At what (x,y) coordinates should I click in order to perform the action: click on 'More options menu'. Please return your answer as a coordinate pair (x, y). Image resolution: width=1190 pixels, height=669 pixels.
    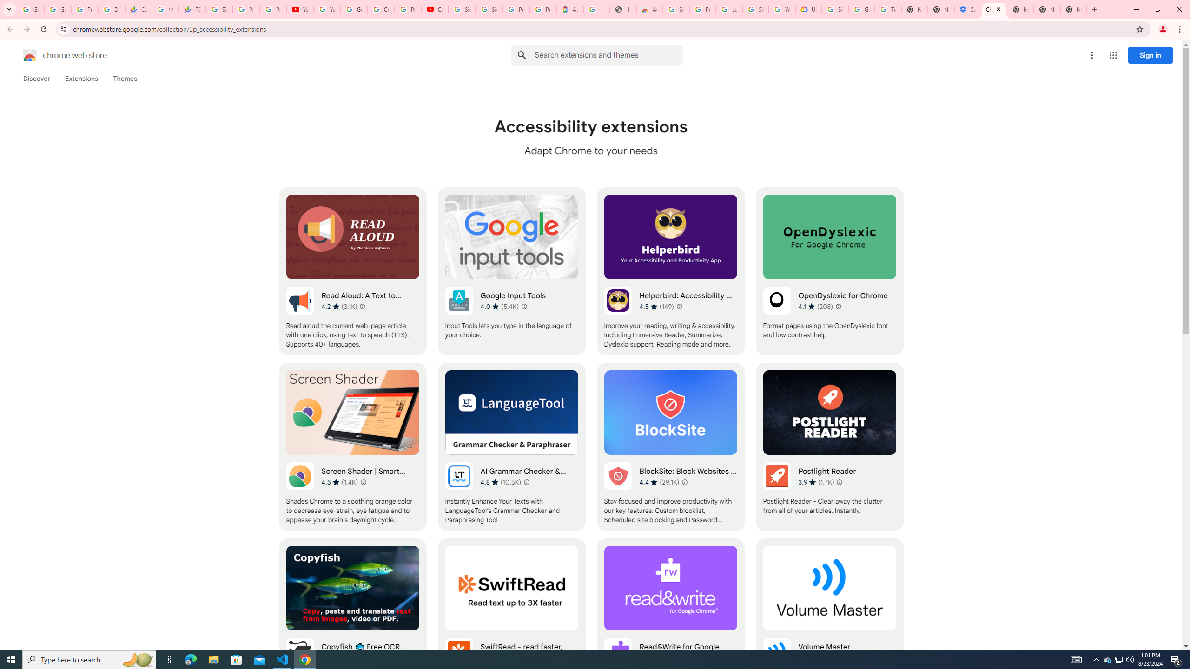
    Looking at the image, I should click on (1091, 55).